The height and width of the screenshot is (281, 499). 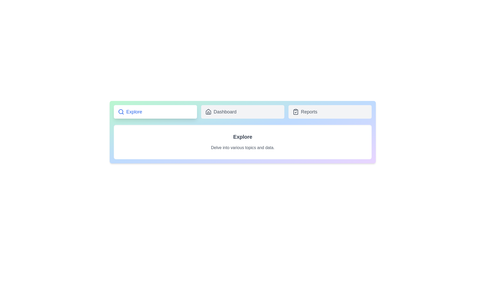 I want to click on the tab identified by Reports, so click(x=330, y=111).